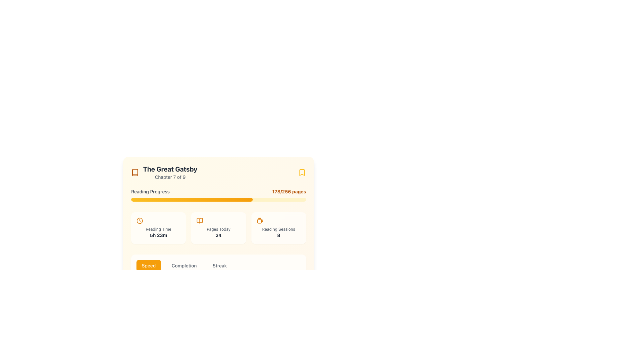 The width and height of the screenshot is (636, 357). What do you see at coordinates (158, 229) in the screenshot?
I see `the 'Reading Time' text label, which is a small light gray text element located below the clock icon and above the bold text '5h 23m' in the reading statistics section` at bounding box center [158, 229].